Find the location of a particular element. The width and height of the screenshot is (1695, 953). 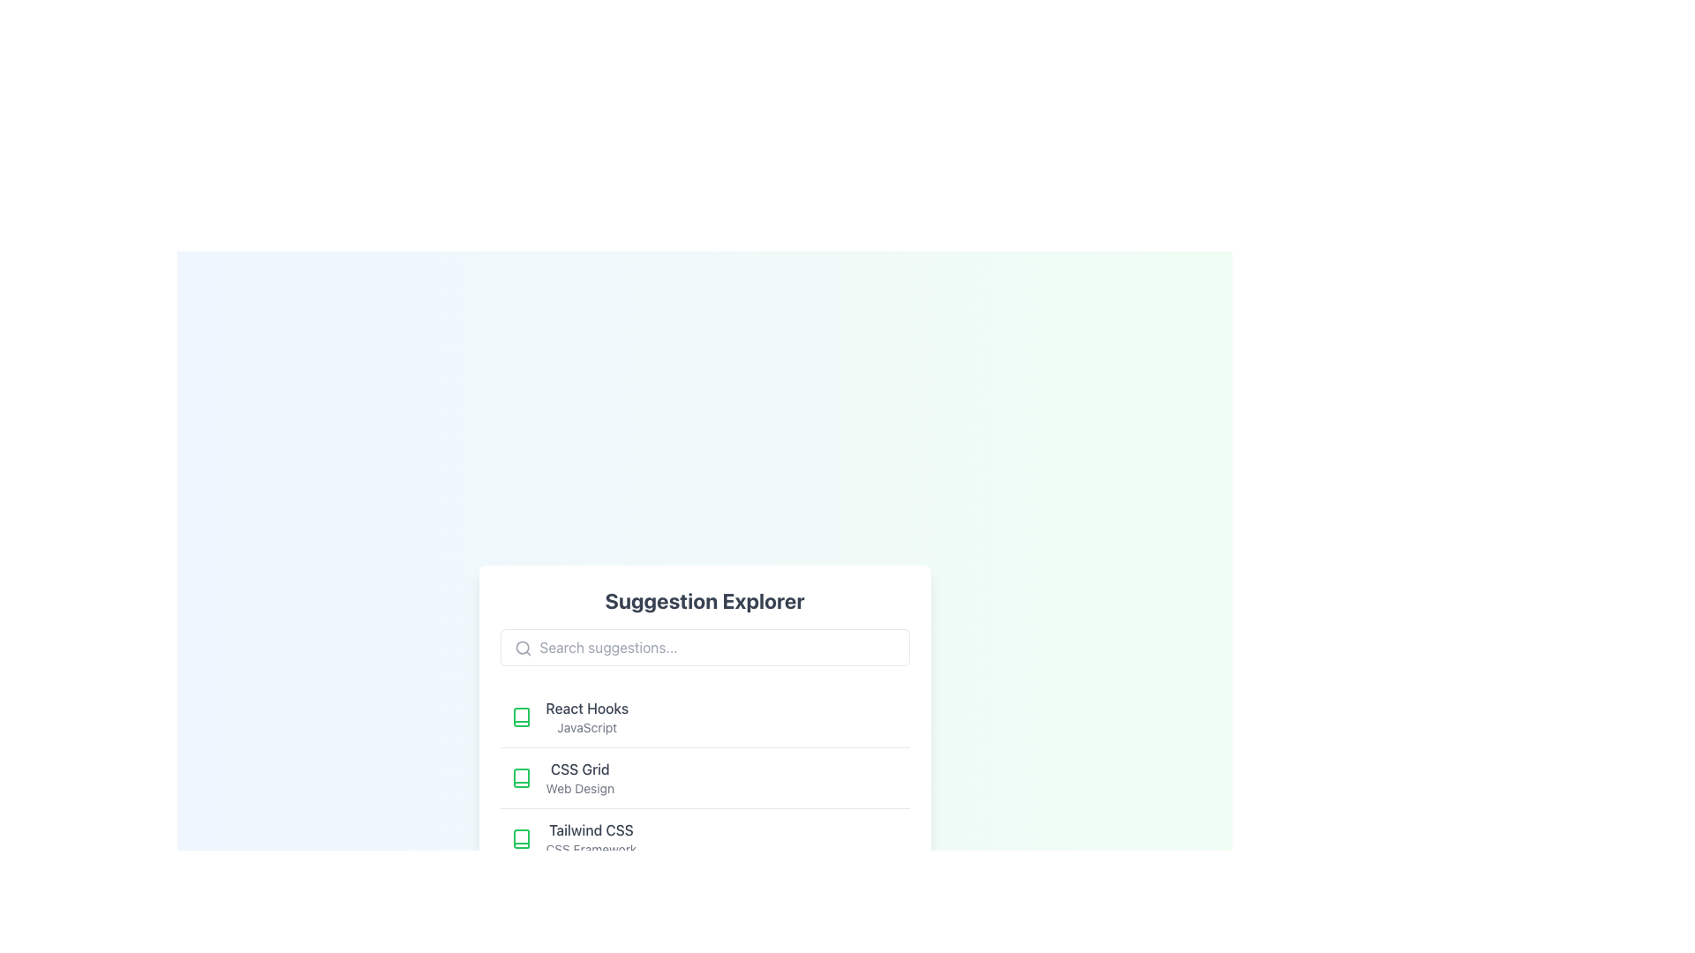

the List Item titled 'Tailwind CSS' with subtitle 'CSS Framework' is located at coordinates (591, 838).